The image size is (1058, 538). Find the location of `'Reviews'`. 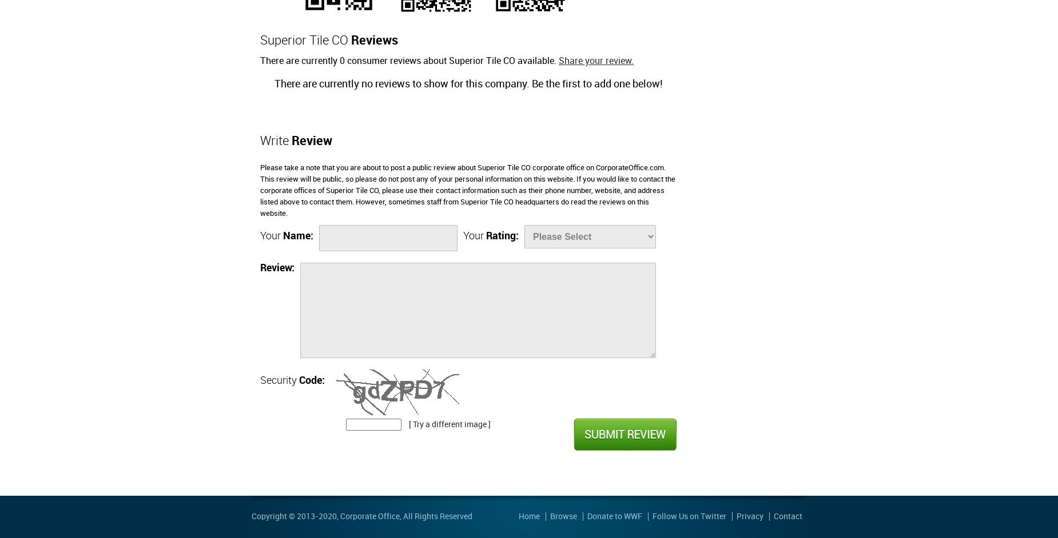

'Reviews' is located at coordinates (375, 40).